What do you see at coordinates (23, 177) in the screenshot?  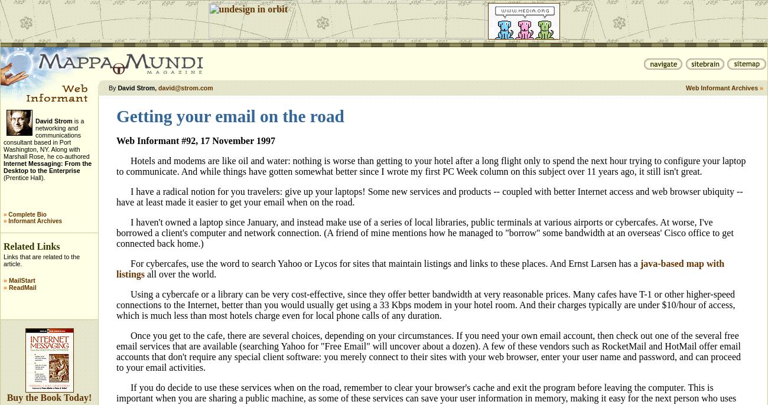 I see `'(Prentice  Hall).'` at bounding box center [23, 177].